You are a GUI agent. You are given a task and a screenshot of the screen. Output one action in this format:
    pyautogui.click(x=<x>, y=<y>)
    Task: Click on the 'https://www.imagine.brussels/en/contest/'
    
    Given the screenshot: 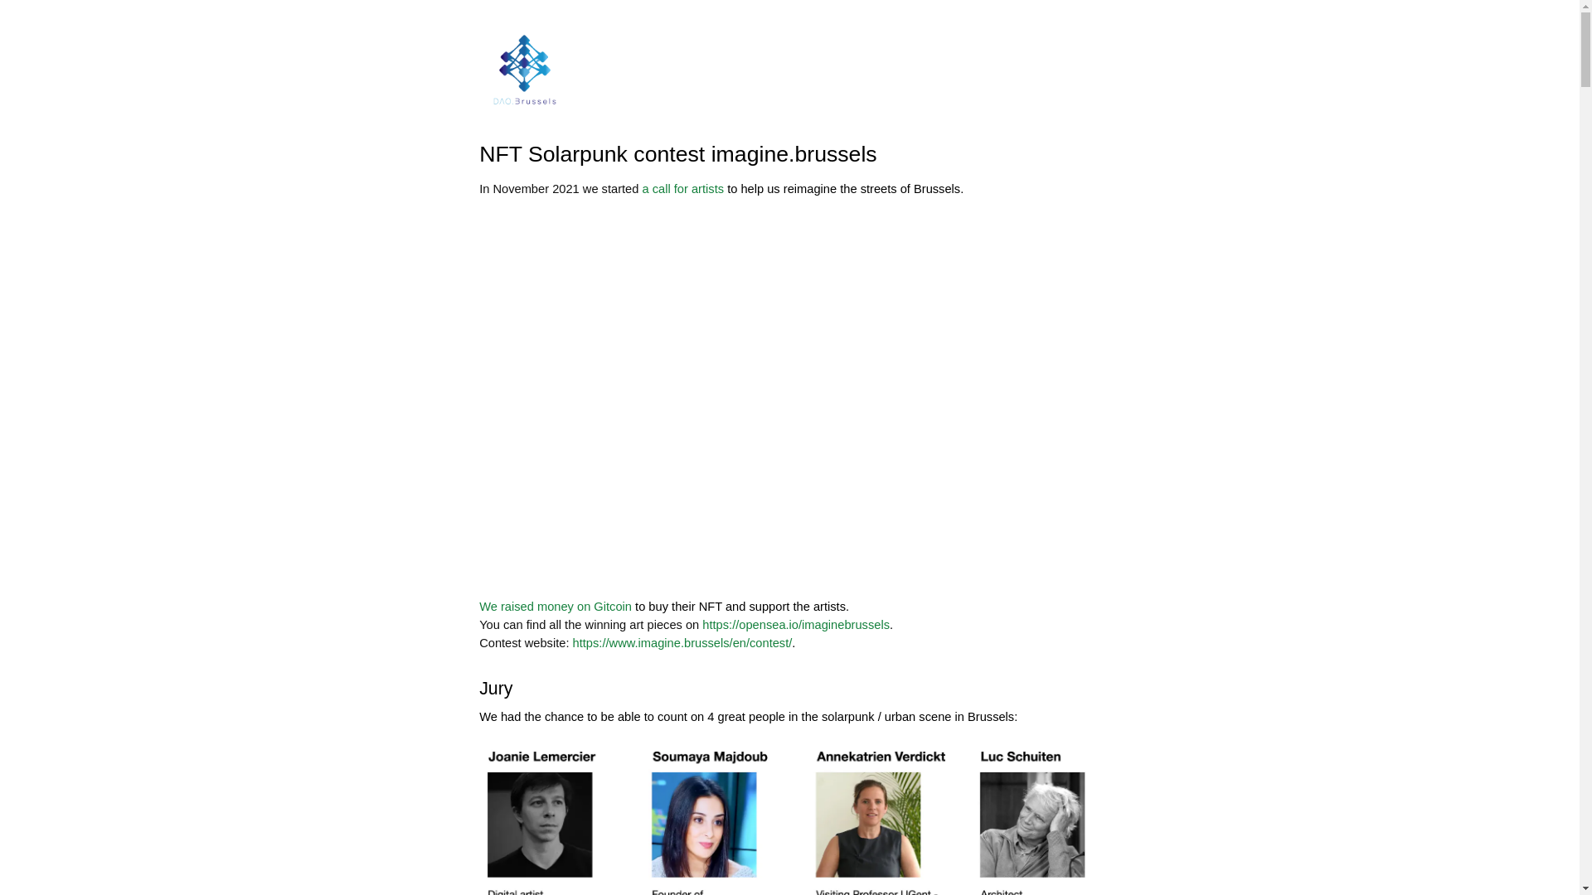 What is the action you would take?
    pyautogui.click(x=573, y=641)
    